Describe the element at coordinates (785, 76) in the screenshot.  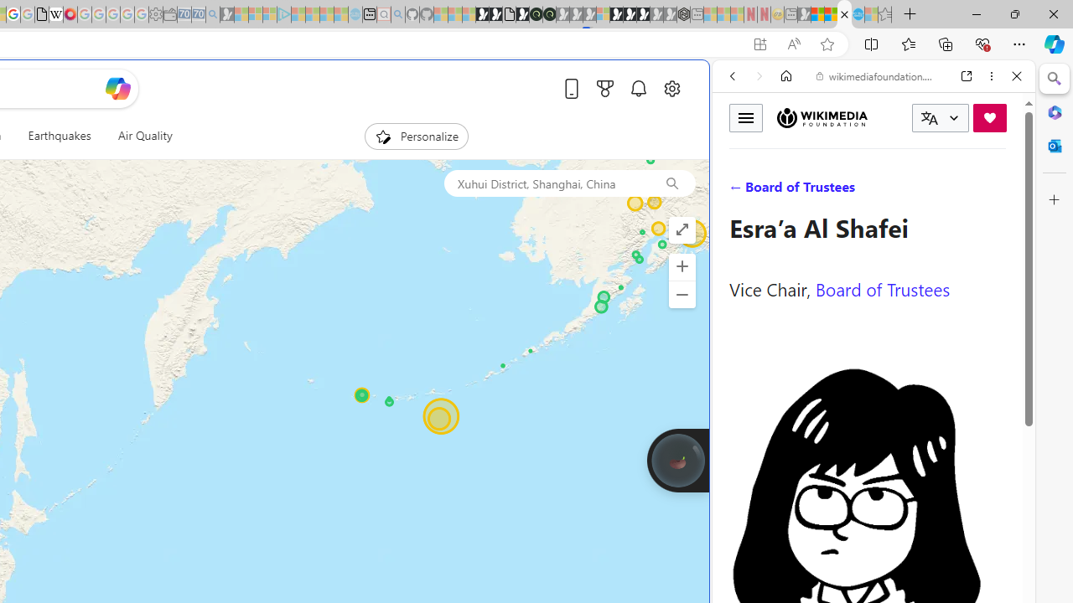
I see `'Home'` at that location.